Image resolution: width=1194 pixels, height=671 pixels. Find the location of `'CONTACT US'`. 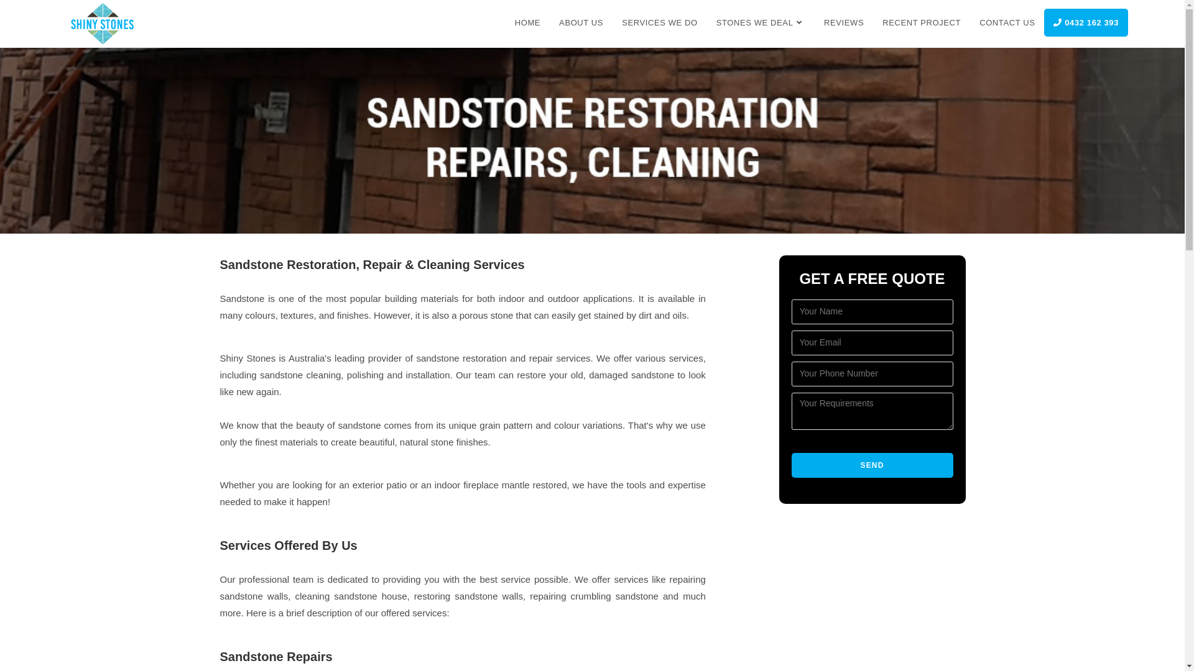

'CONTACT US' is located at coordinates (1007, 23).